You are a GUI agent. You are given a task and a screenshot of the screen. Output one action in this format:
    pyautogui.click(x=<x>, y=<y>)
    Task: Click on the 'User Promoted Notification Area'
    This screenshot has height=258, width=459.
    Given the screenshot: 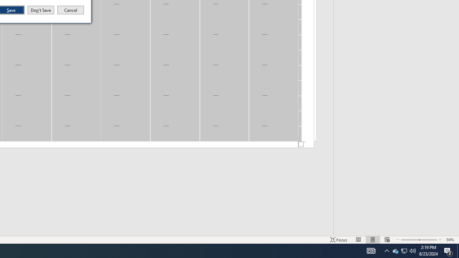 What is the action you would take?
    pyautogui.click(x=404, y=250)
    